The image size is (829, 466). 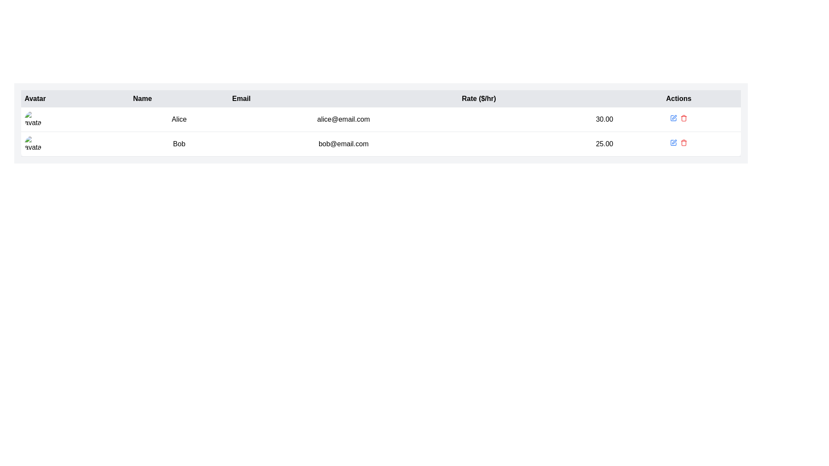 What do you see at coordinates (75, 120) in the screenshot?
I see `the avatar image component representing Alice, located in the 'Avatar' column of the table row` at bounding box center [75, 120].